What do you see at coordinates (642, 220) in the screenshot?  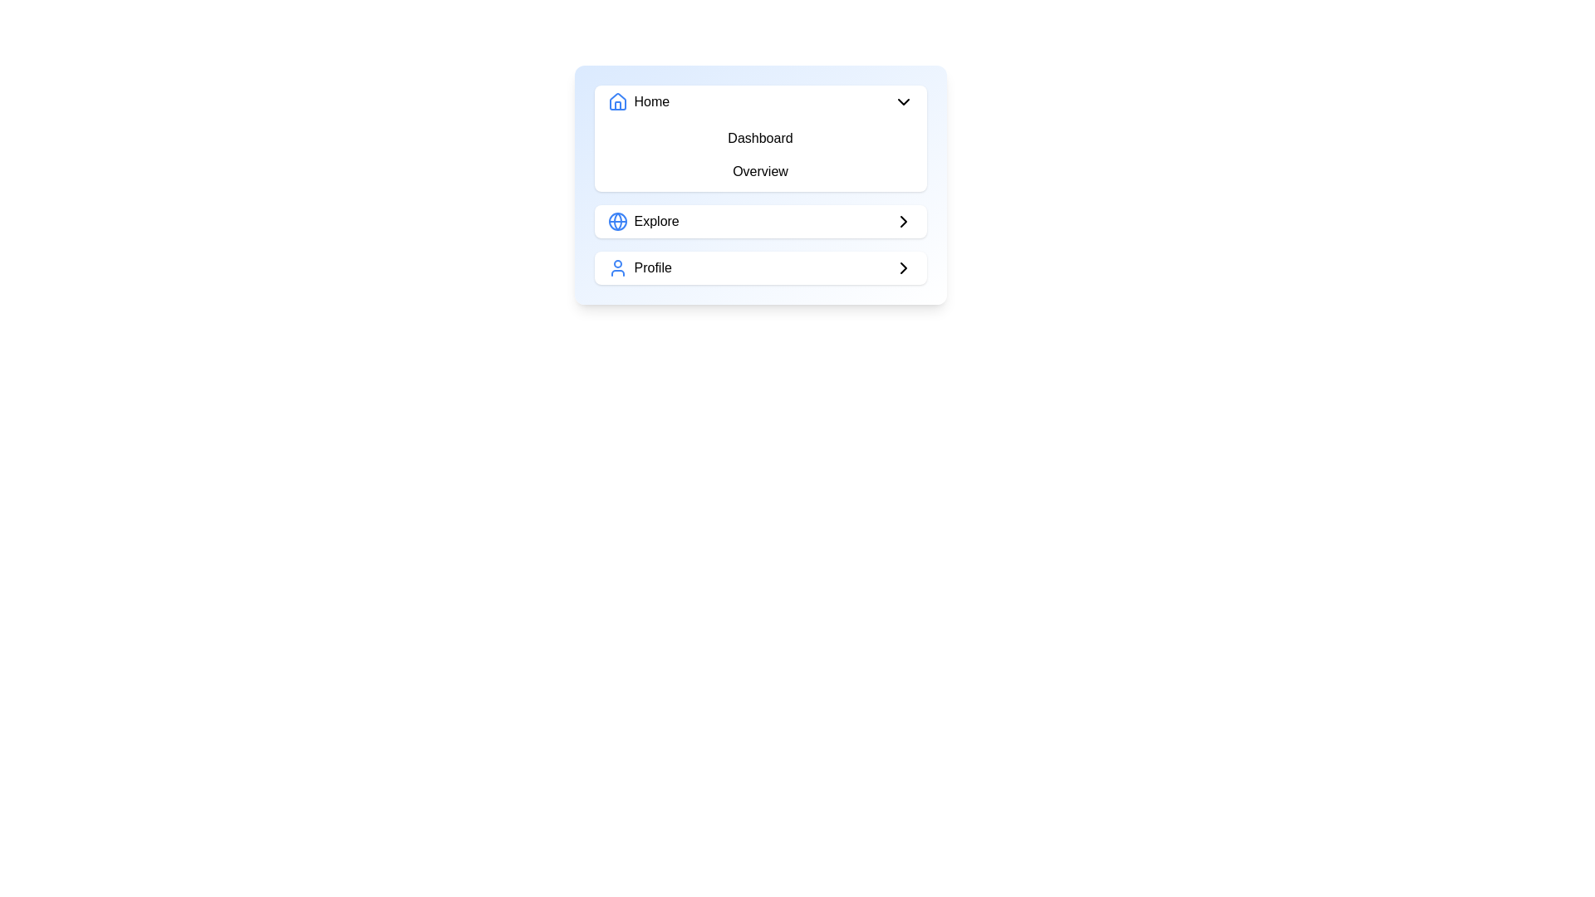 I see `the 'Explore' label with icon in the menu, which is the first sub-element below 'Home' and above 'Profile'` at bounding box center [642, 220].